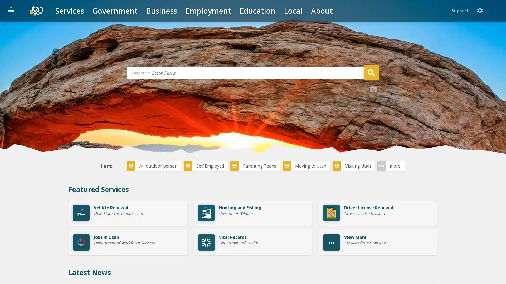 The width and height of the screenshot is (506, 284). What do you see at coordinates (373, 129) in the screenshot?
I see `Background image info` at bounding box center [373, 129].